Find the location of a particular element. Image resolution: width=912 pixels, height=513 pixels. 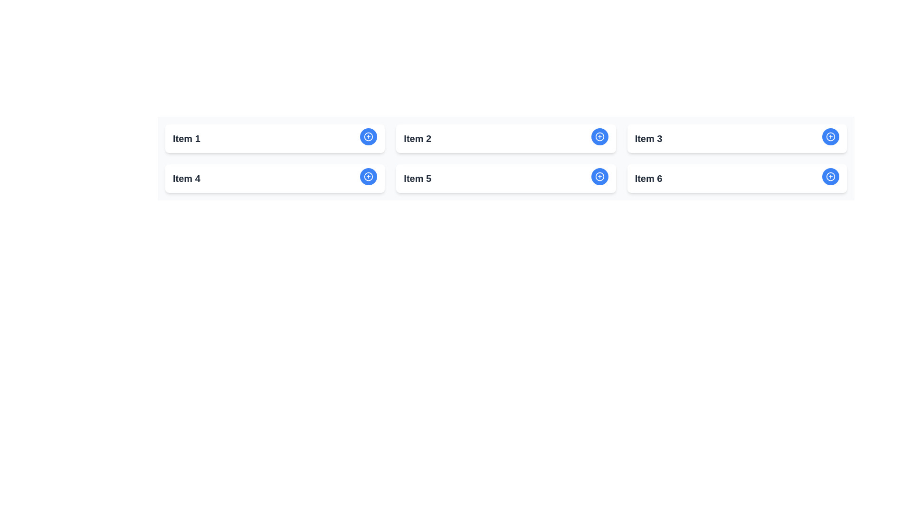

the text within the fourth card in the grid layout, located in the second row below the first item is located at coordinates (275, 178).